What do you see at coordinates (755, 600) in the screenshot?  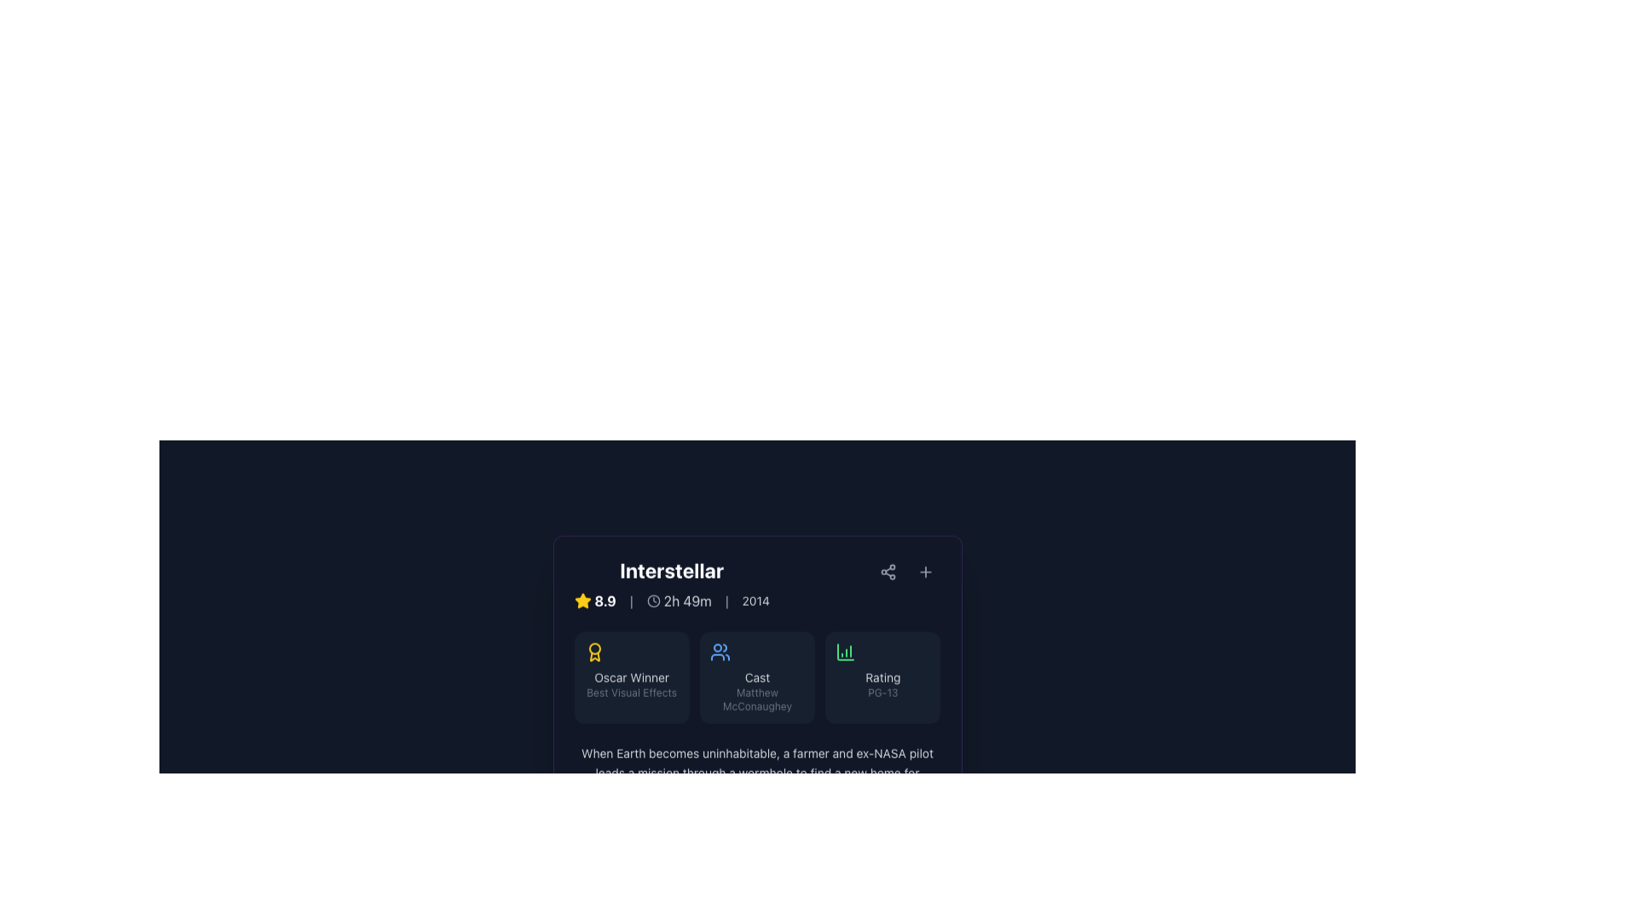 I see `the text element displaying '2014', which is light gray and smaller than surrounding text, located on a dark background at the end of a group of elements including a star rating and duration` at bounding box center [755, 600].